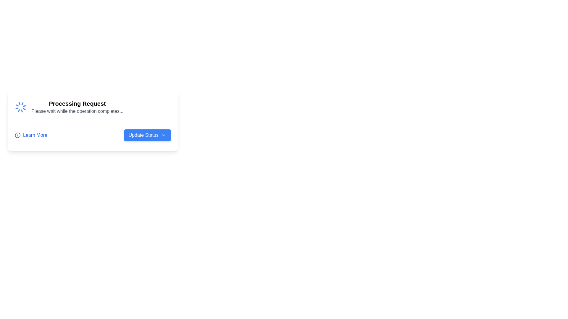 This screenshot has height=319, width=568. What do you see at coordinates (30, 135) in the screenshot?
I see `the 'Learn More' hyperlink styled in blue text with an adjacent circular icon containing an 'i' symbol` at bounding box center [30, 135].